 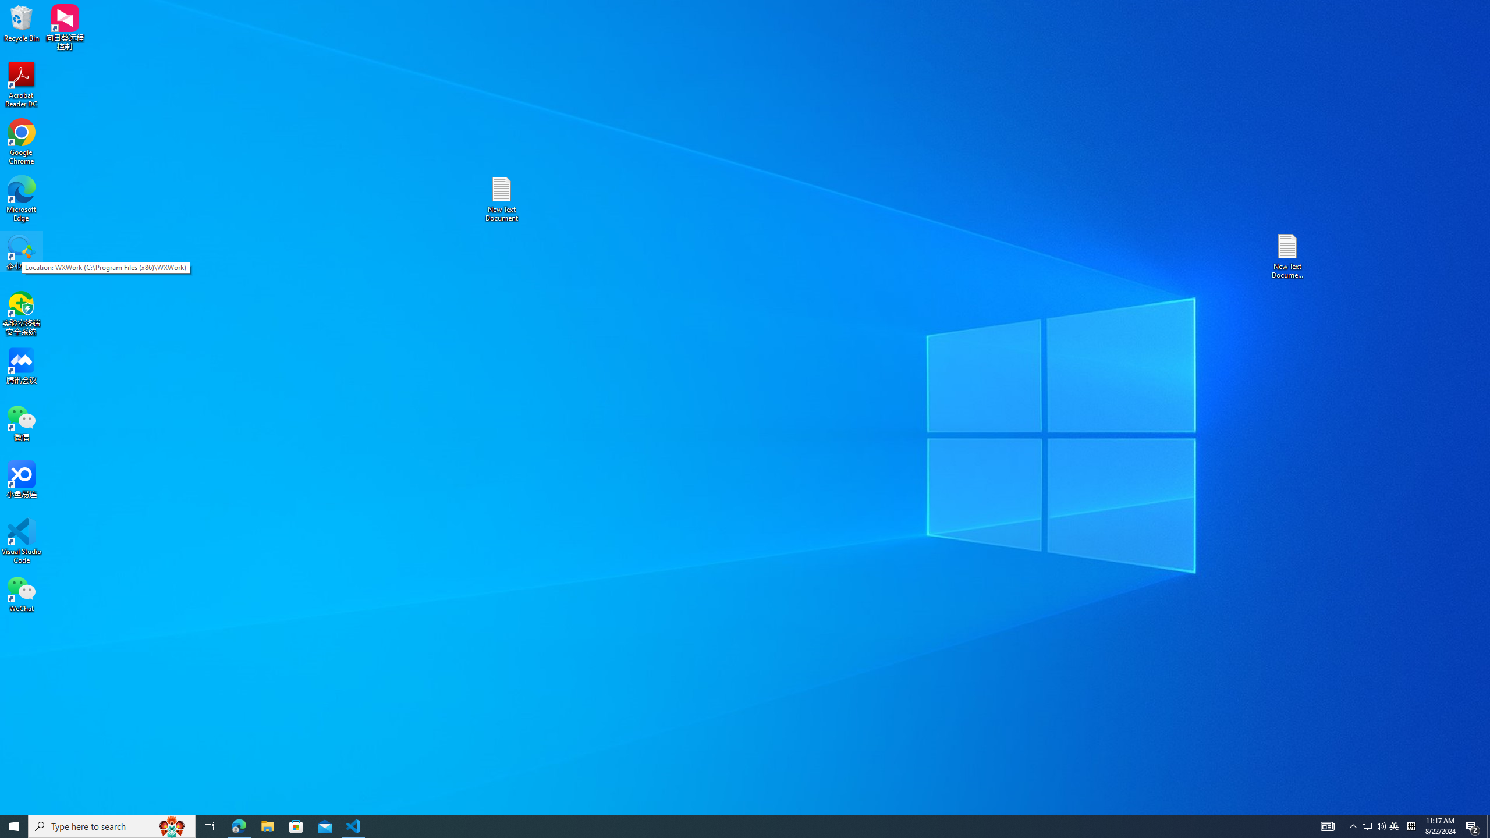 I want to click on 'Action Center, 2 new notifications', so click(x=1395, y=825).